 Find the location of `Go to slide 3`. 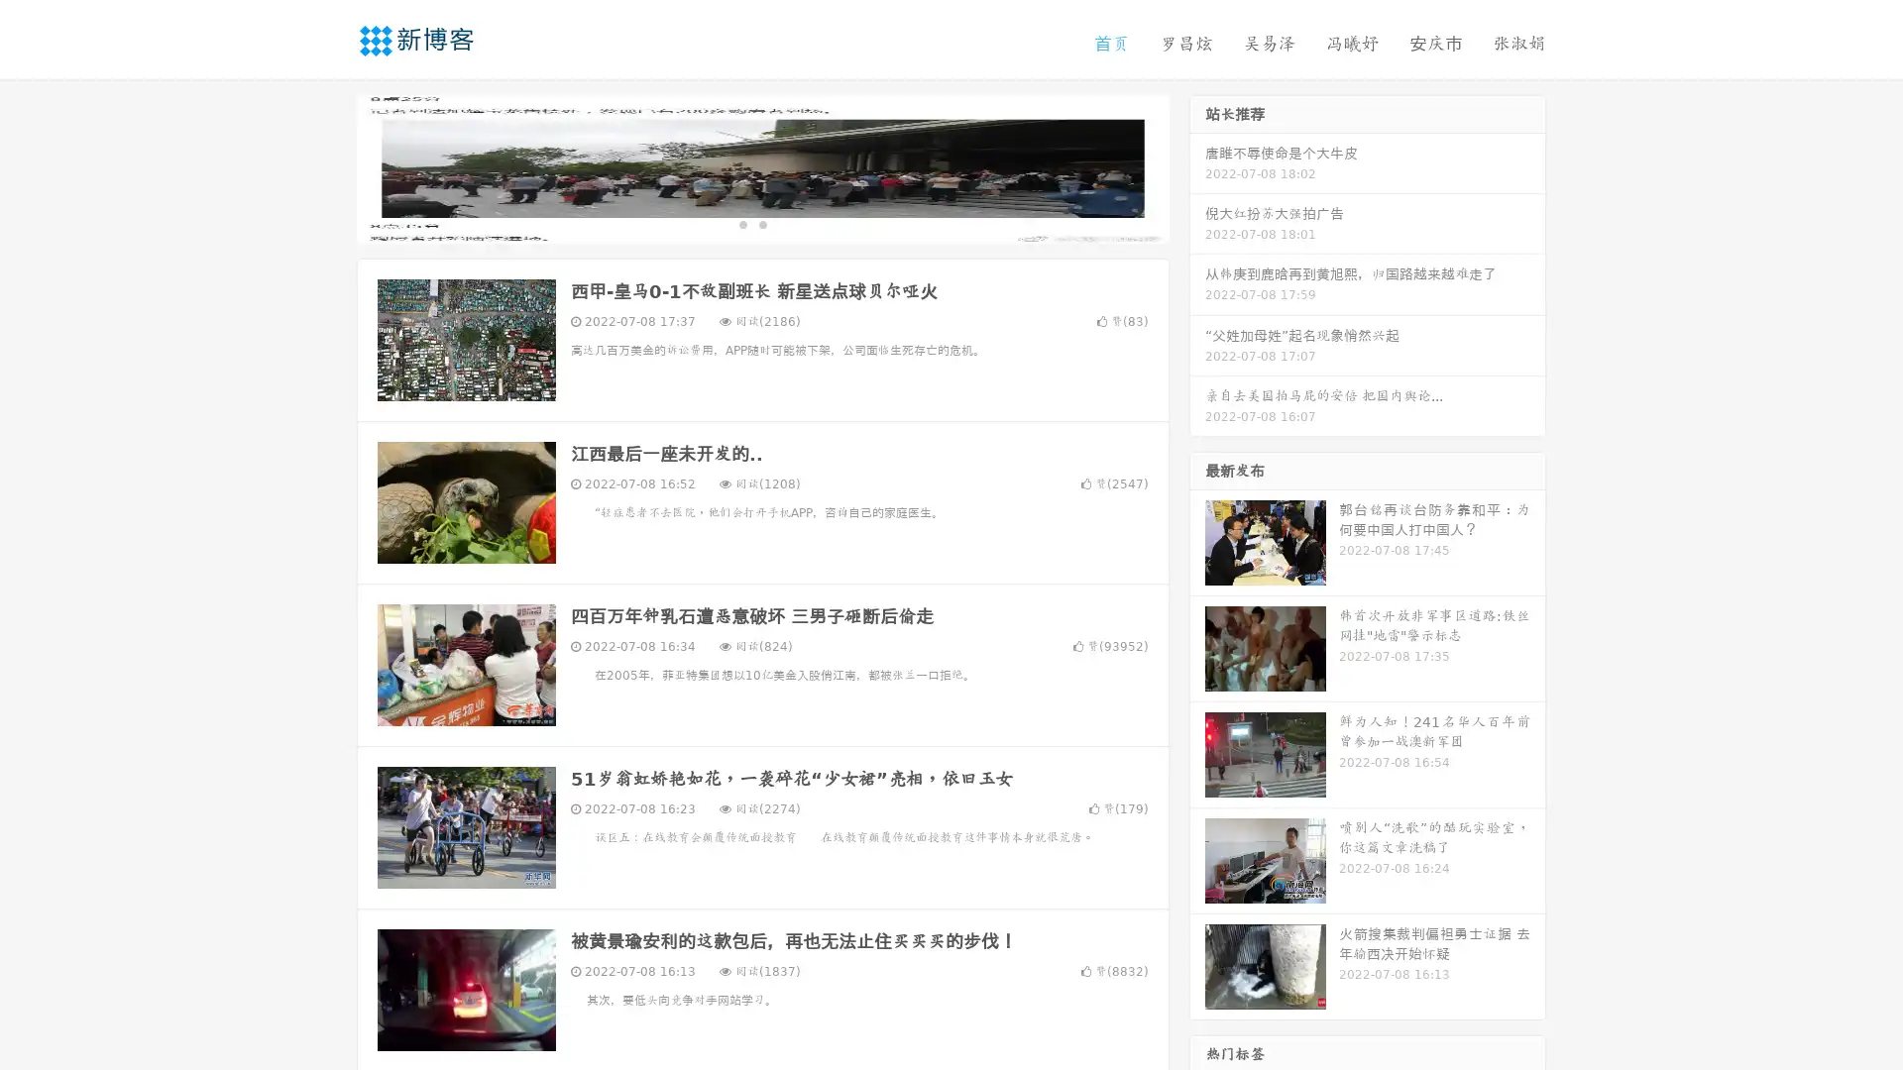

Go to slide 3 is located at coordinates (782, 223).